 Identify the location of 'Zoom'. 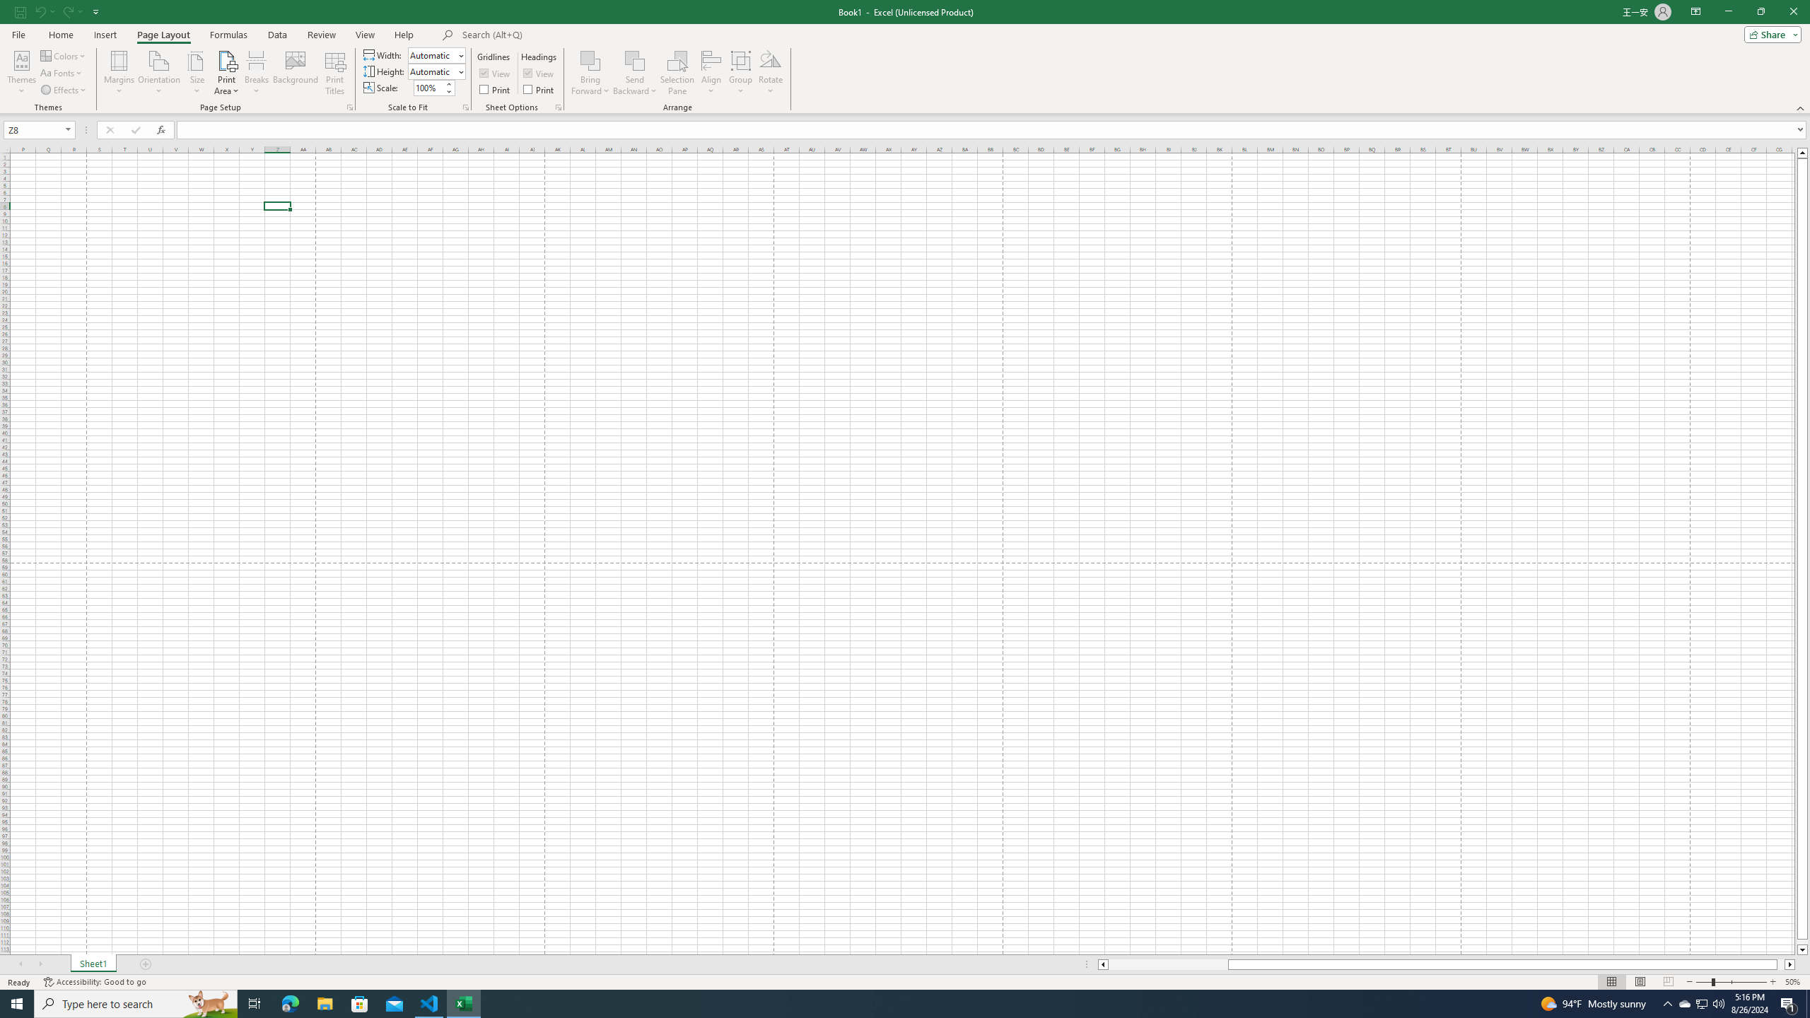
(1730, 982).